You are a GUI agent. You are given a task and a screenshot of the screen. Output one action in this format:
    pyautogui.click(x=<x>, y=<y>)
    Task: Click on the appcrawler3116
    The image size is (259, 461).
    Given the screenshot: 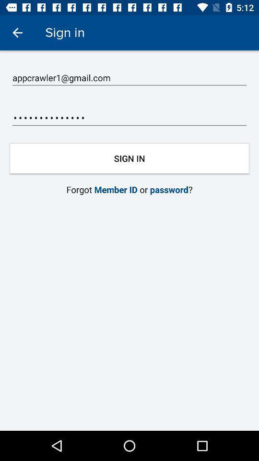 What is the action you would take?
    pyautogui.click(x=129, y=118)
    